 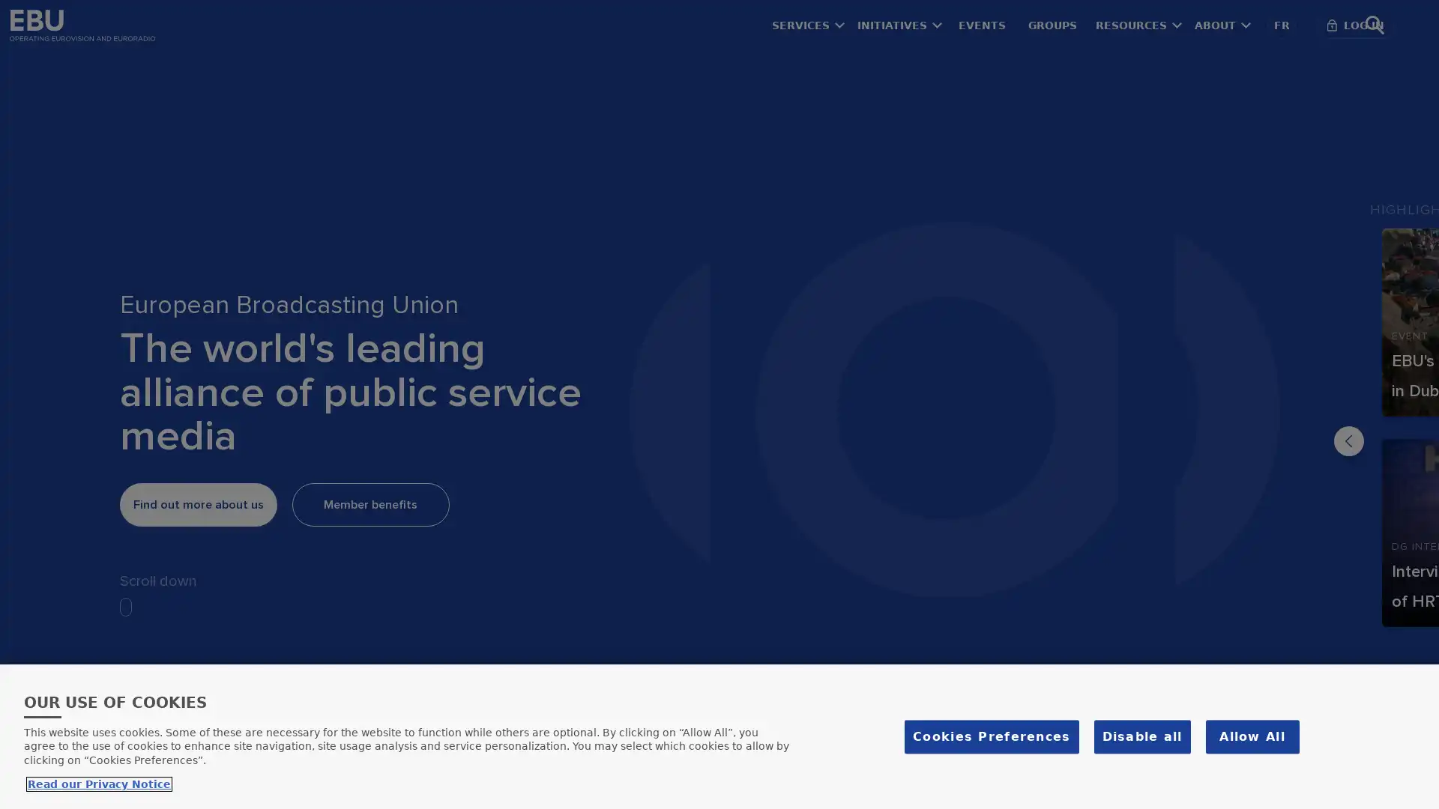 I want to click on Disable all, so click(x=1141, y=736).